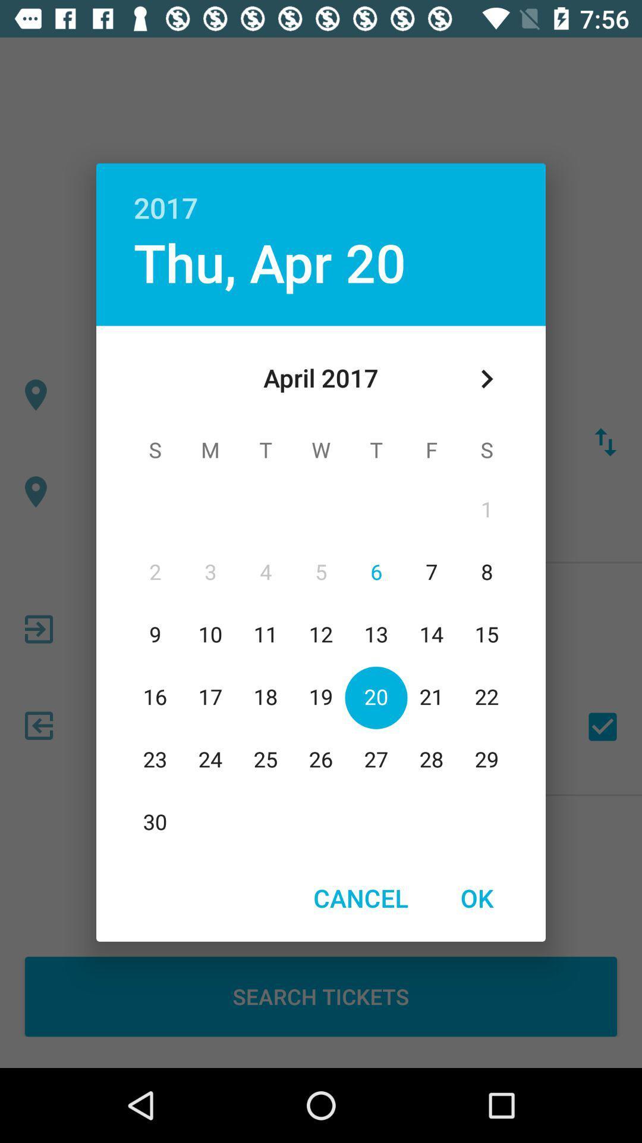 The height and width of the screenshot is (1143, 642). What do you see at coordinates (476, 898) in the screenshot?
I see `icon at the bottom right corner` at bounding box center [476, 898].